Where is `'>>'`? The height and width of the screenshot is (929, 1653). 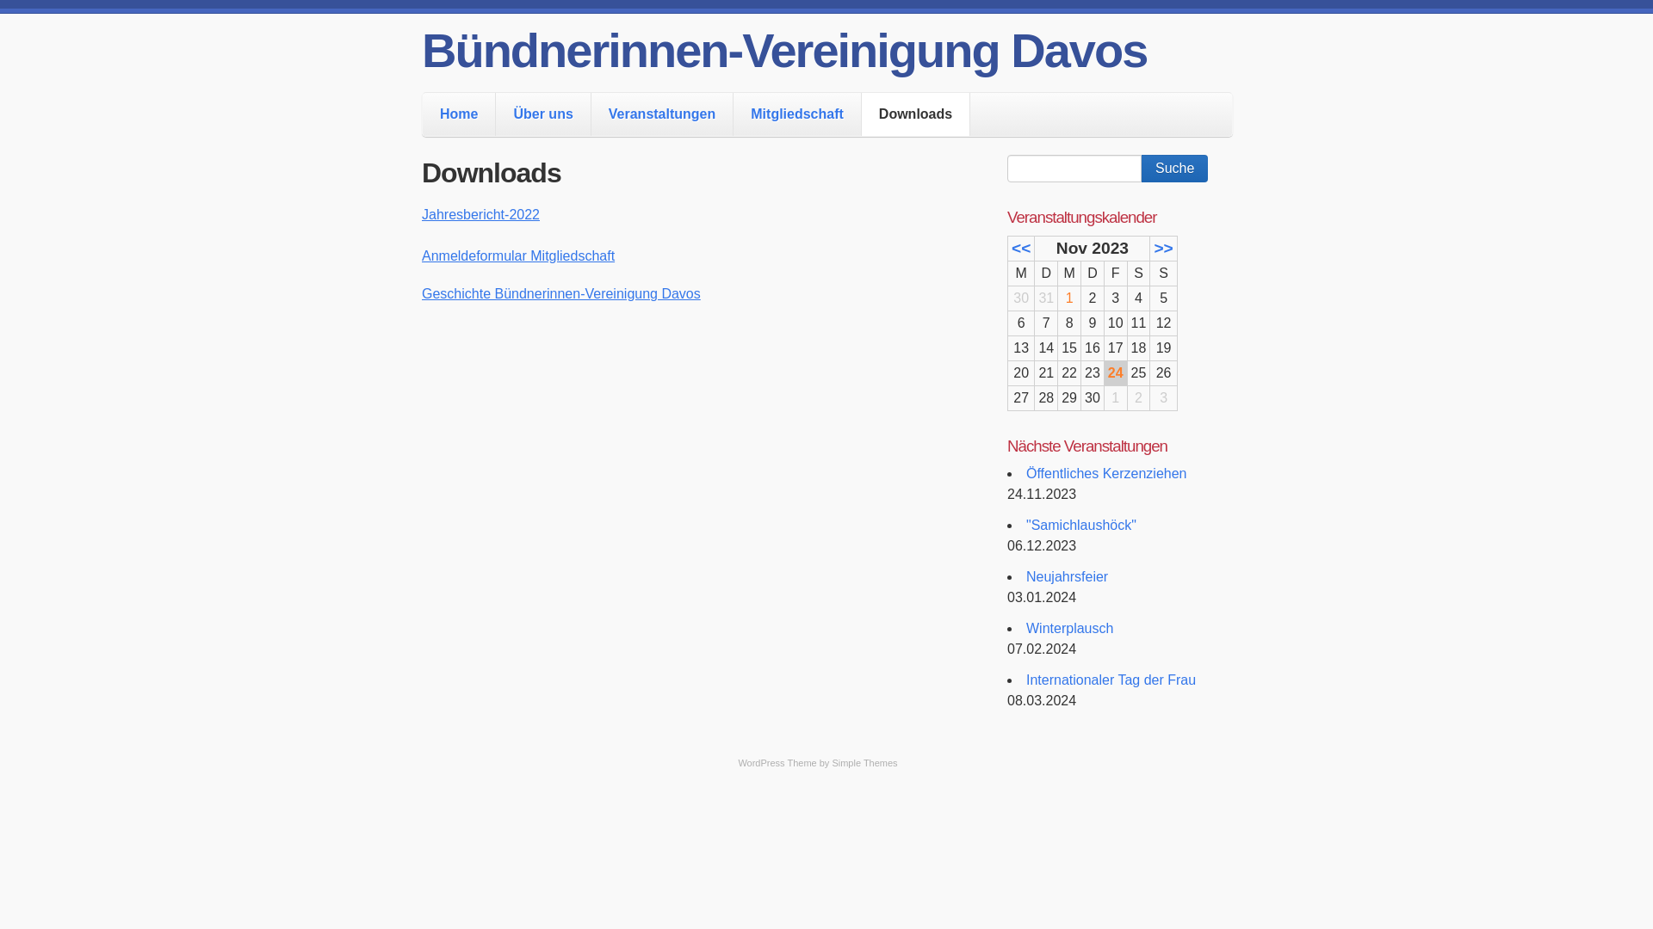
'>>' is located at coordinates (1162, 248).